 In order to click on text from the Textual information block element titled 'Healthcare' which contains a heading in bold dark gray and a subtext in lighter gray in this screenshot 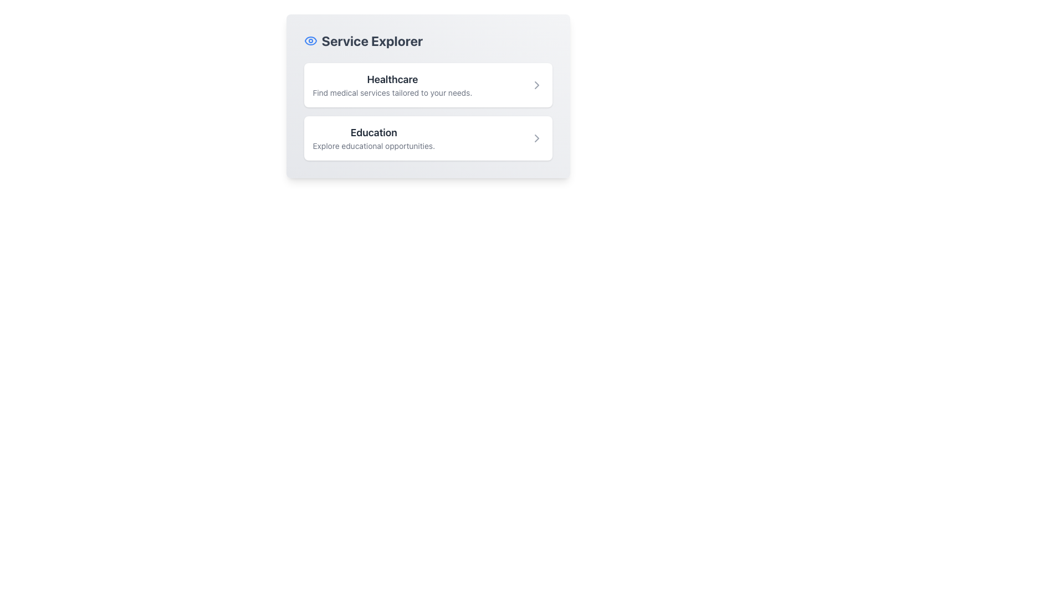, I will do `click(392, 85)`.